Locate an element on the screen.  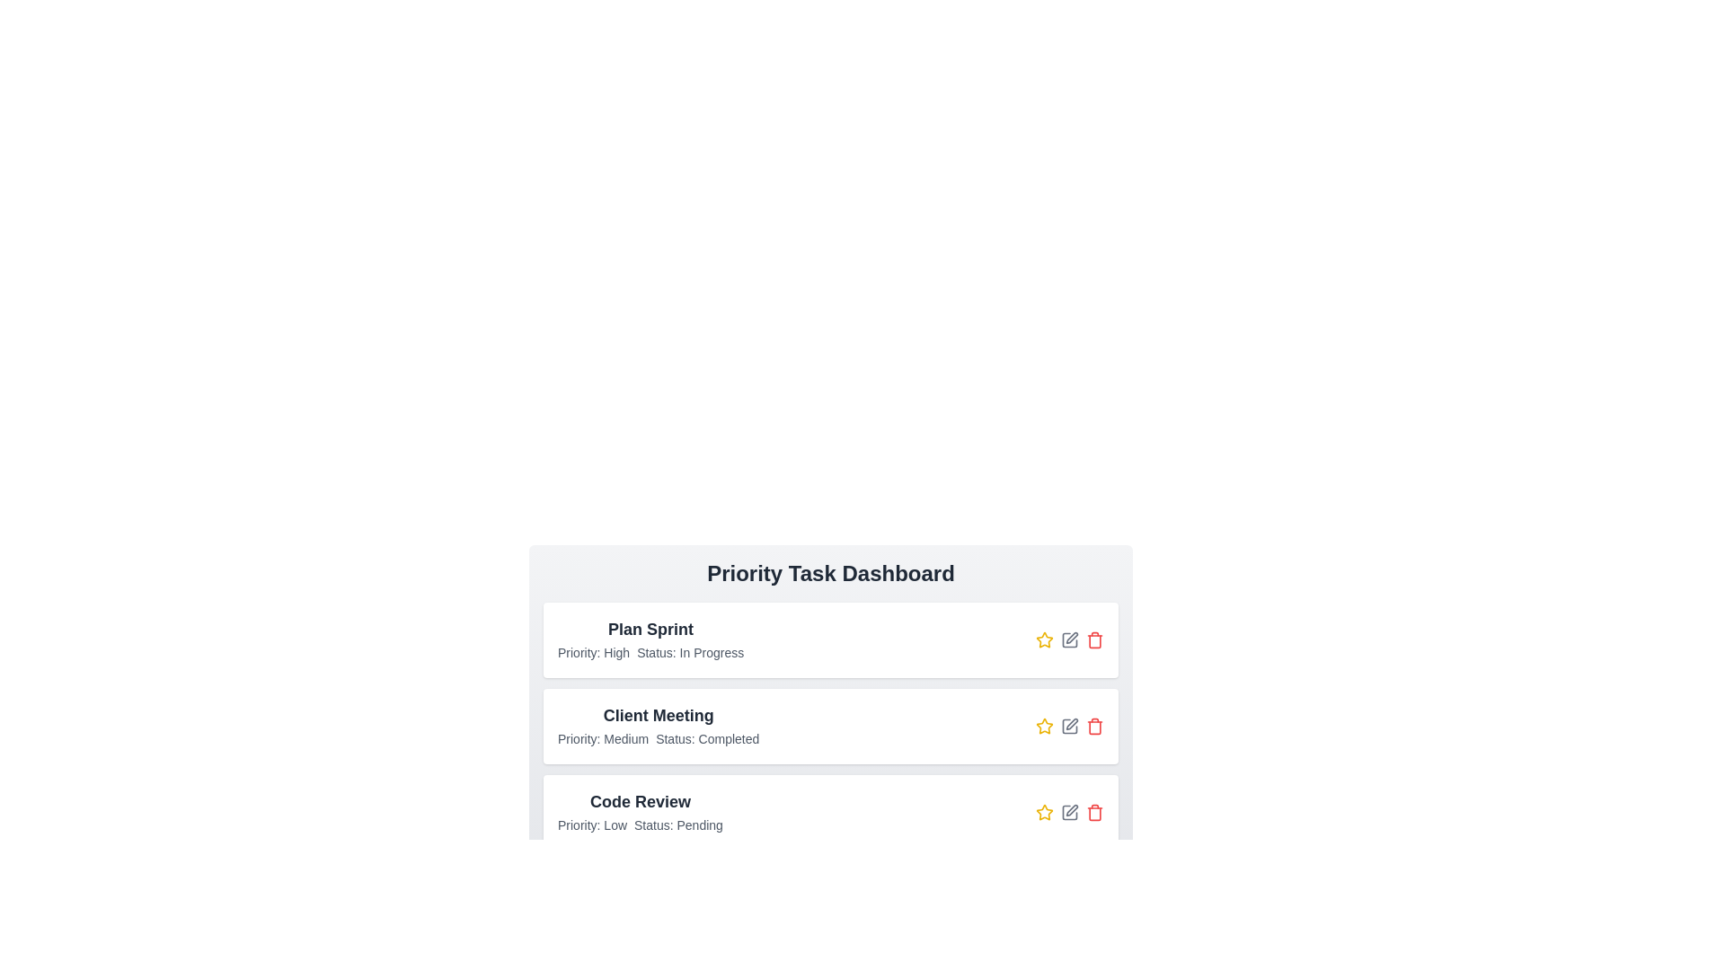
the edit button for the task labeled 'Client Meeting' is located at coordinates (1069, 726).